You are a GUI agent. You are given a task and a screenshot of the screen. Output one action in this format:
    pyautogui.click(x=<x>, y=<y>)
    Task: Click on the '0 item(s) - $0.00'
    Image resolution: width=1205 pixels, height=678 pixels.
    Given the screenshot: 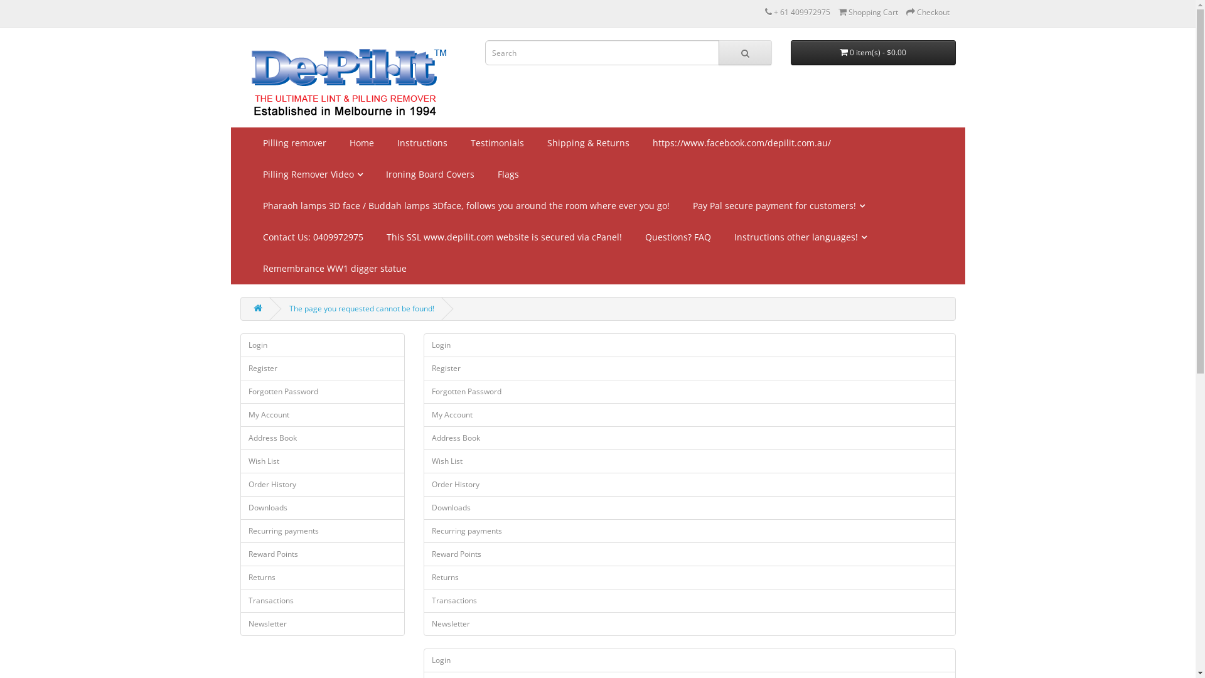 What is the action you would take?
    pyautogui.click(x=872, y=52)
    